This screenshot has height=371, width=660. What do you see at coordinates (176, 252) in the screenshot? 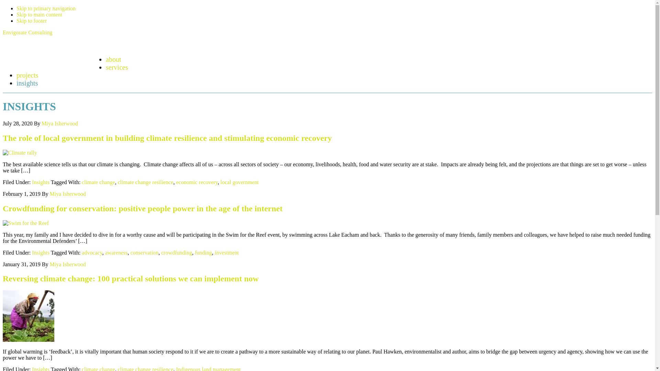
I see `'crowdfunding'` at bounding box center [176, 252].